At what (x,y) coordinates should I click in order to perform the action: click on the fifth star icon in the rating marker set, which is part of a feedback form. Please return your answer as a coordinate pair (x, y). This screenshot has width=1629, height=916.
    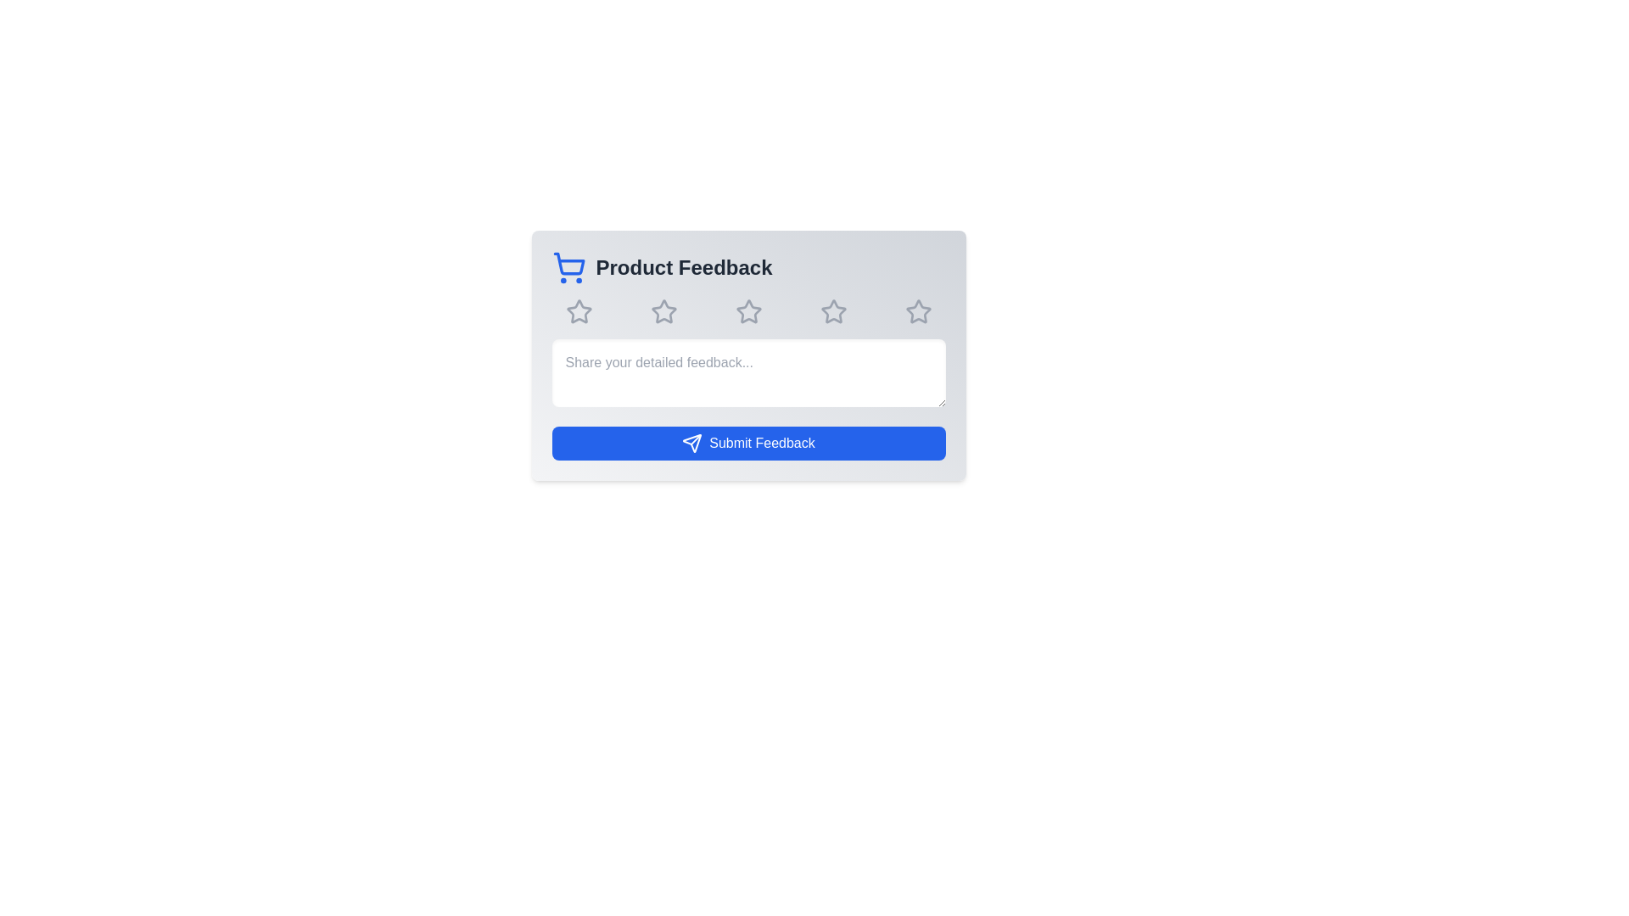
    Looking at the image, I should click on (833, 311).